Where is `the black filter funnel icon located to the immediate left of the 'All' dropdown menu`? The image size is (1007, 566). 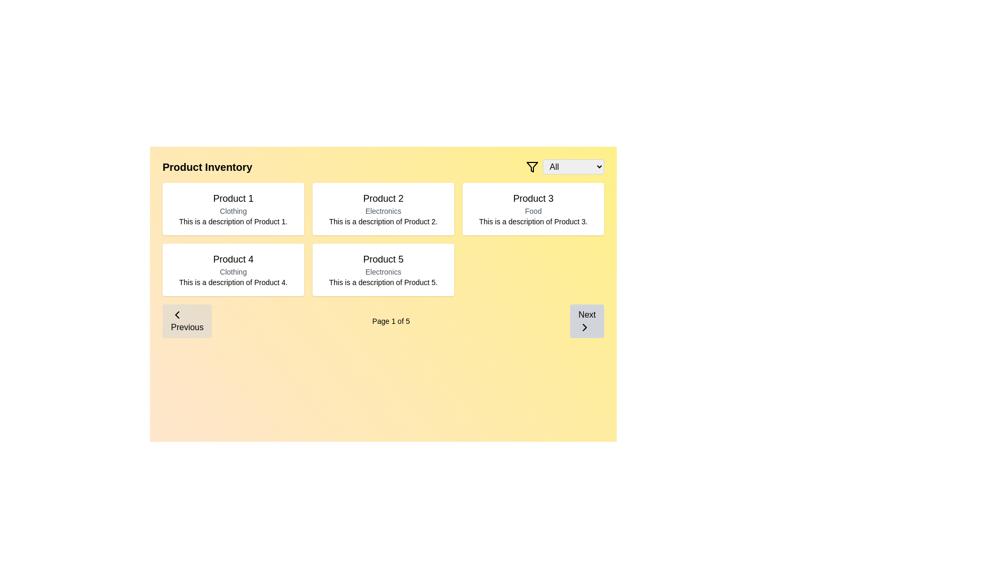
the black filter funnel icon located to the immediate left of the 'All' dropdown menu is located at coordinates (532, 166).